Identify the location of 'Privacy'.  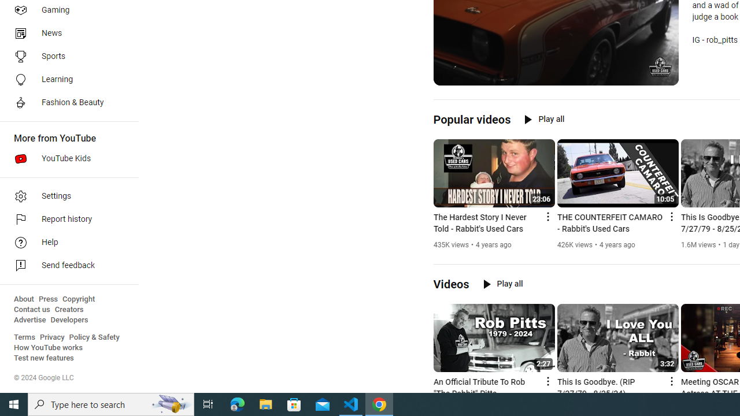
(51, 337).